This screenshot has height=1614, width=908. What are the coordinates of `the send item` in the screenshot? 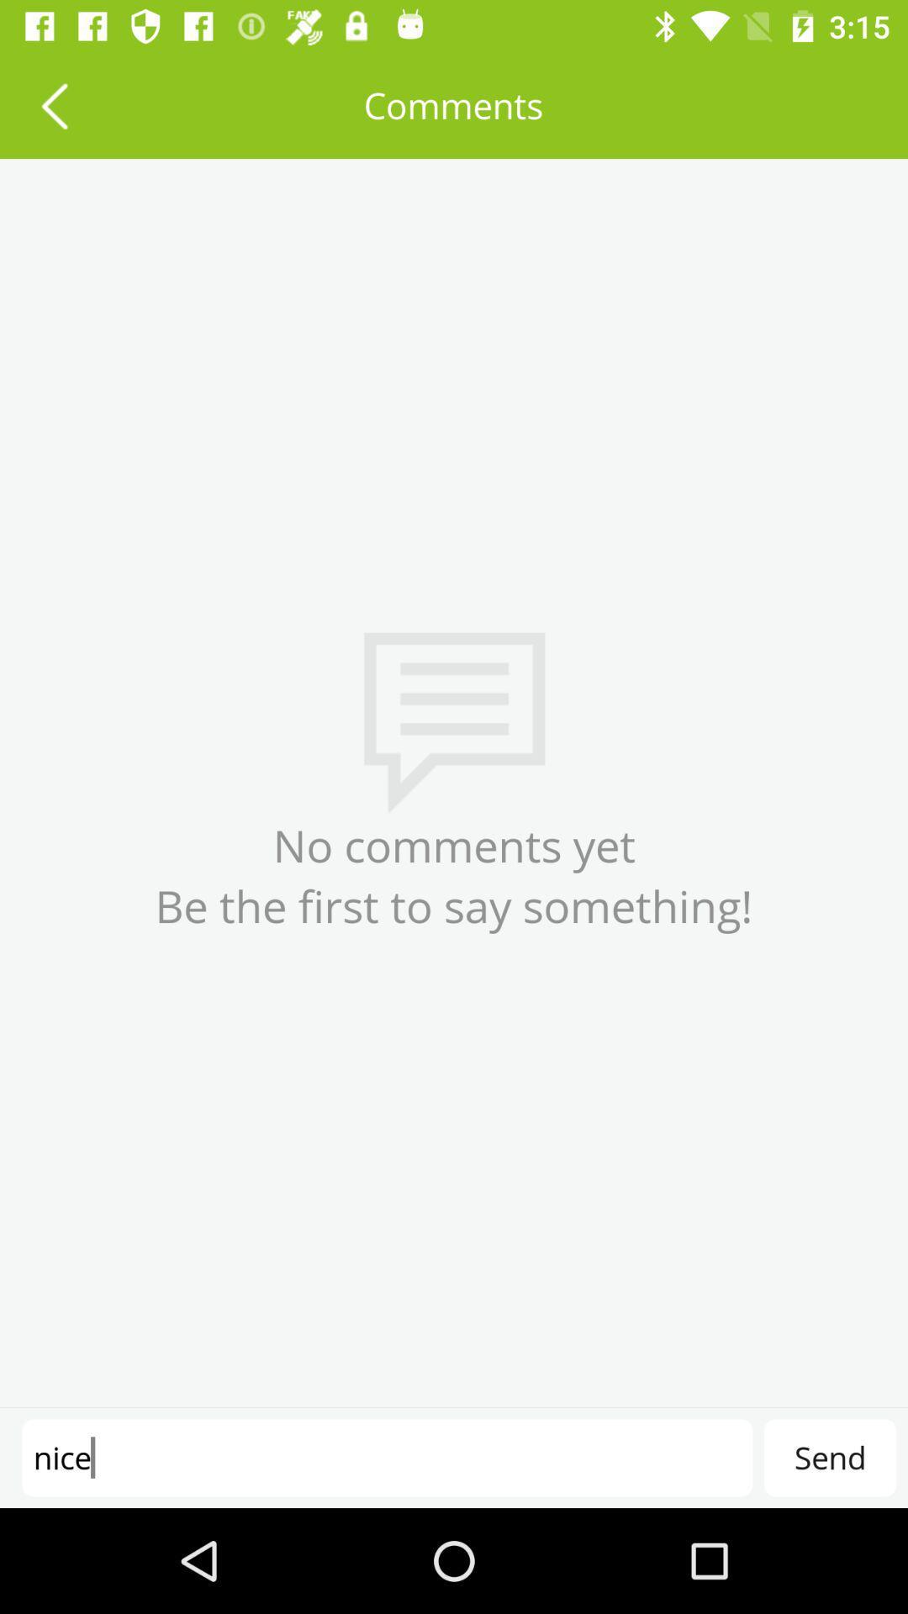 It's located at (829, 1457).